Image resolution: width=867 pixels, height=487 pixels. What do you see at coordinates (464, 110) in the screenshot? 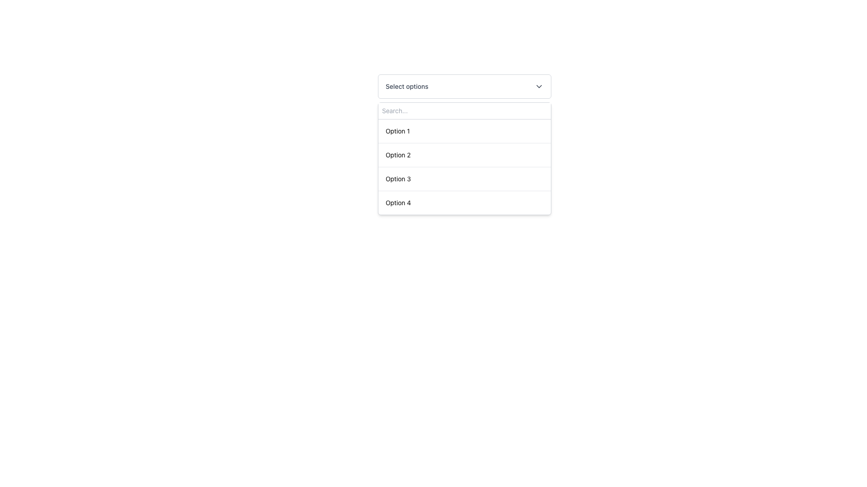
I see `the search input field located directly below the 'Select options' trigger area` at bounding box center [464, 110].